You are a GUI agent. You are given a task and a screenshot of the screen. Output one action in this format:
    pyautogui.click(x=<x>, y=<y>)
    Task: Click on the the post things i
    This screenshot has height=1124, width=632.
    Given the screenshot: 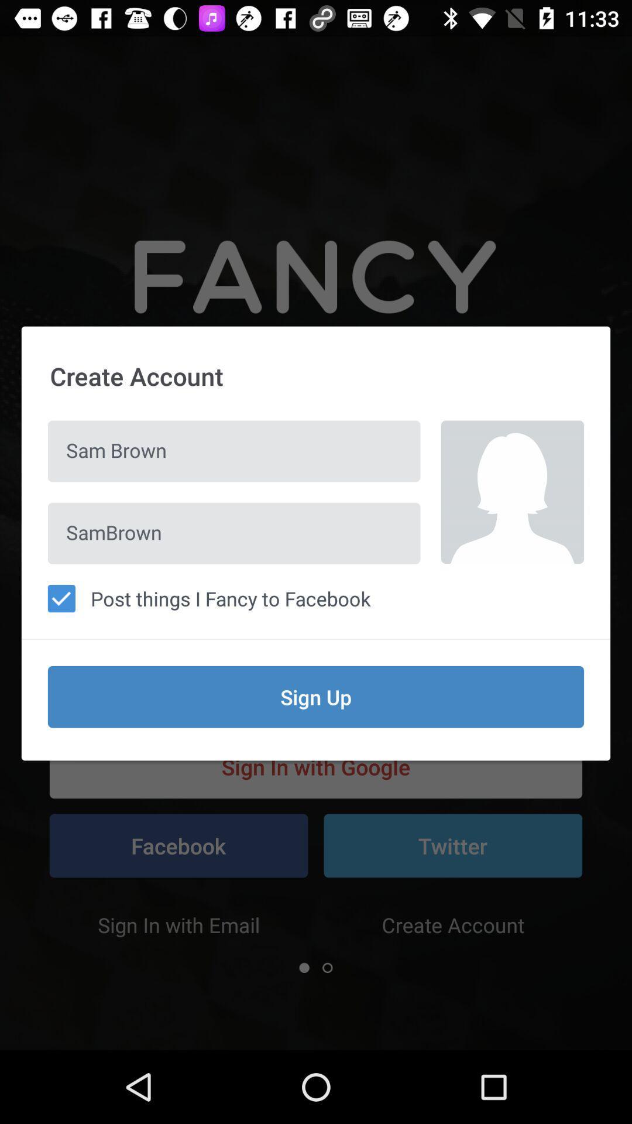 What is the action you would take?
    pyautogui.click(x=316, y=598)
    